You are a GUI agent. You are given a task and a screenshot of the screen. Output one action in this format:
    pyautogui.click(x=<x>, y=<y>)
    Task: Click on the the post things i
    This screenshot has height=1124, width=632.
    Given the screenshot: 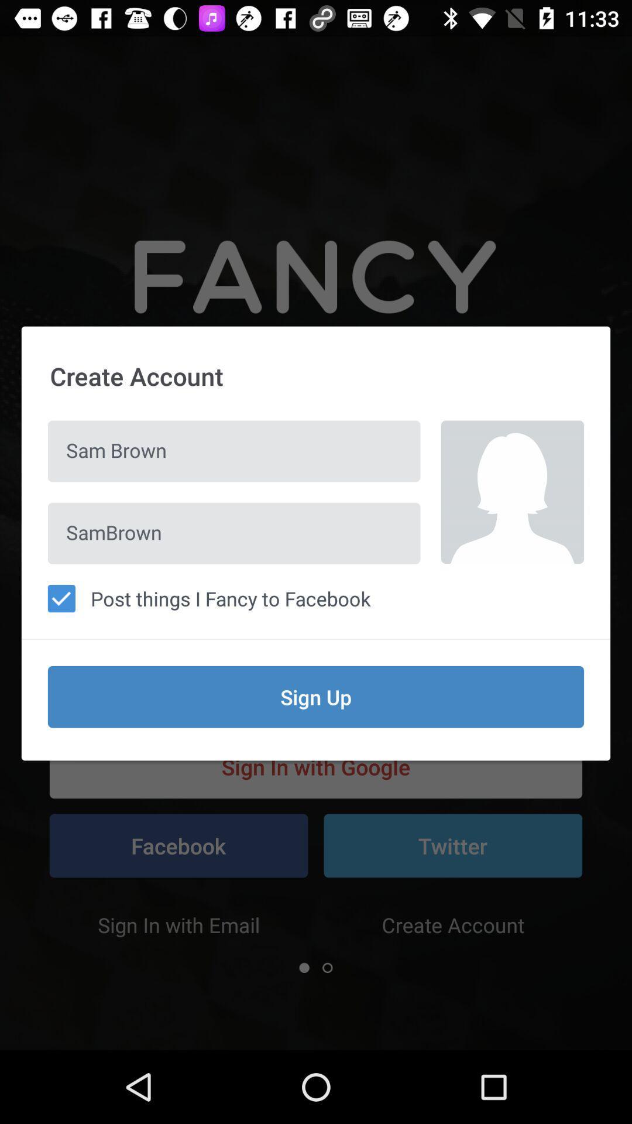 What is the action you would take?
    pyautogui.click(x=316, y=598)
    